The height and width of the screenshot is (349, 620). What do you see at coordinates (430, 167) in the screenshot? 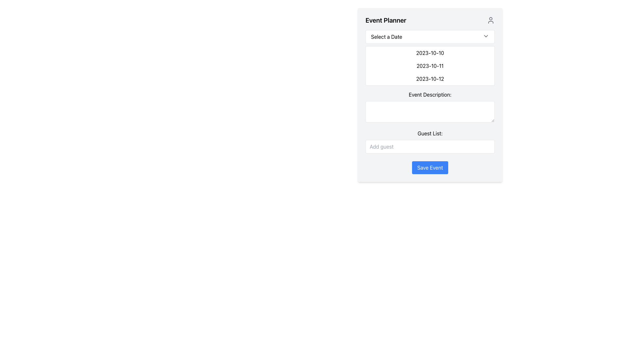
I see `the 'Save Event' button, which is a rectangular button with a blue background and white text, located centrally below the 'Guest List' input field in the event planner interface` at bounding box center [430, 167].